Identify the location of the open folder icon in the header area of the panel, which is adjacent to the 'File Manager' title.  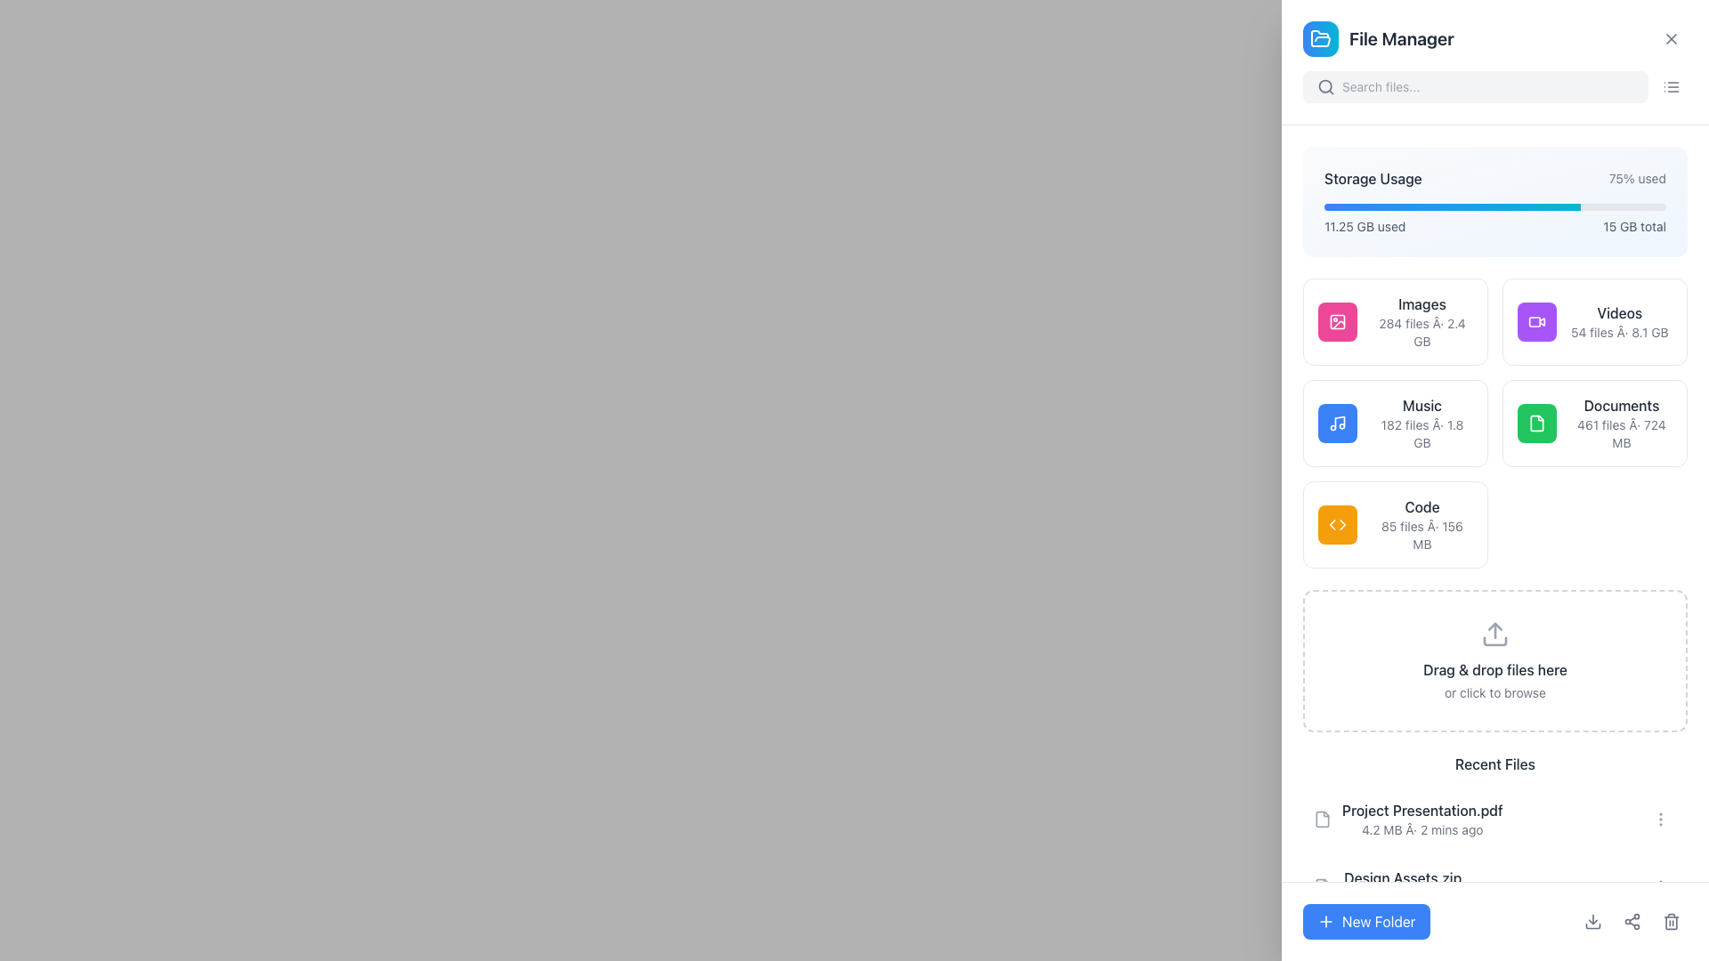
(1320, 38).